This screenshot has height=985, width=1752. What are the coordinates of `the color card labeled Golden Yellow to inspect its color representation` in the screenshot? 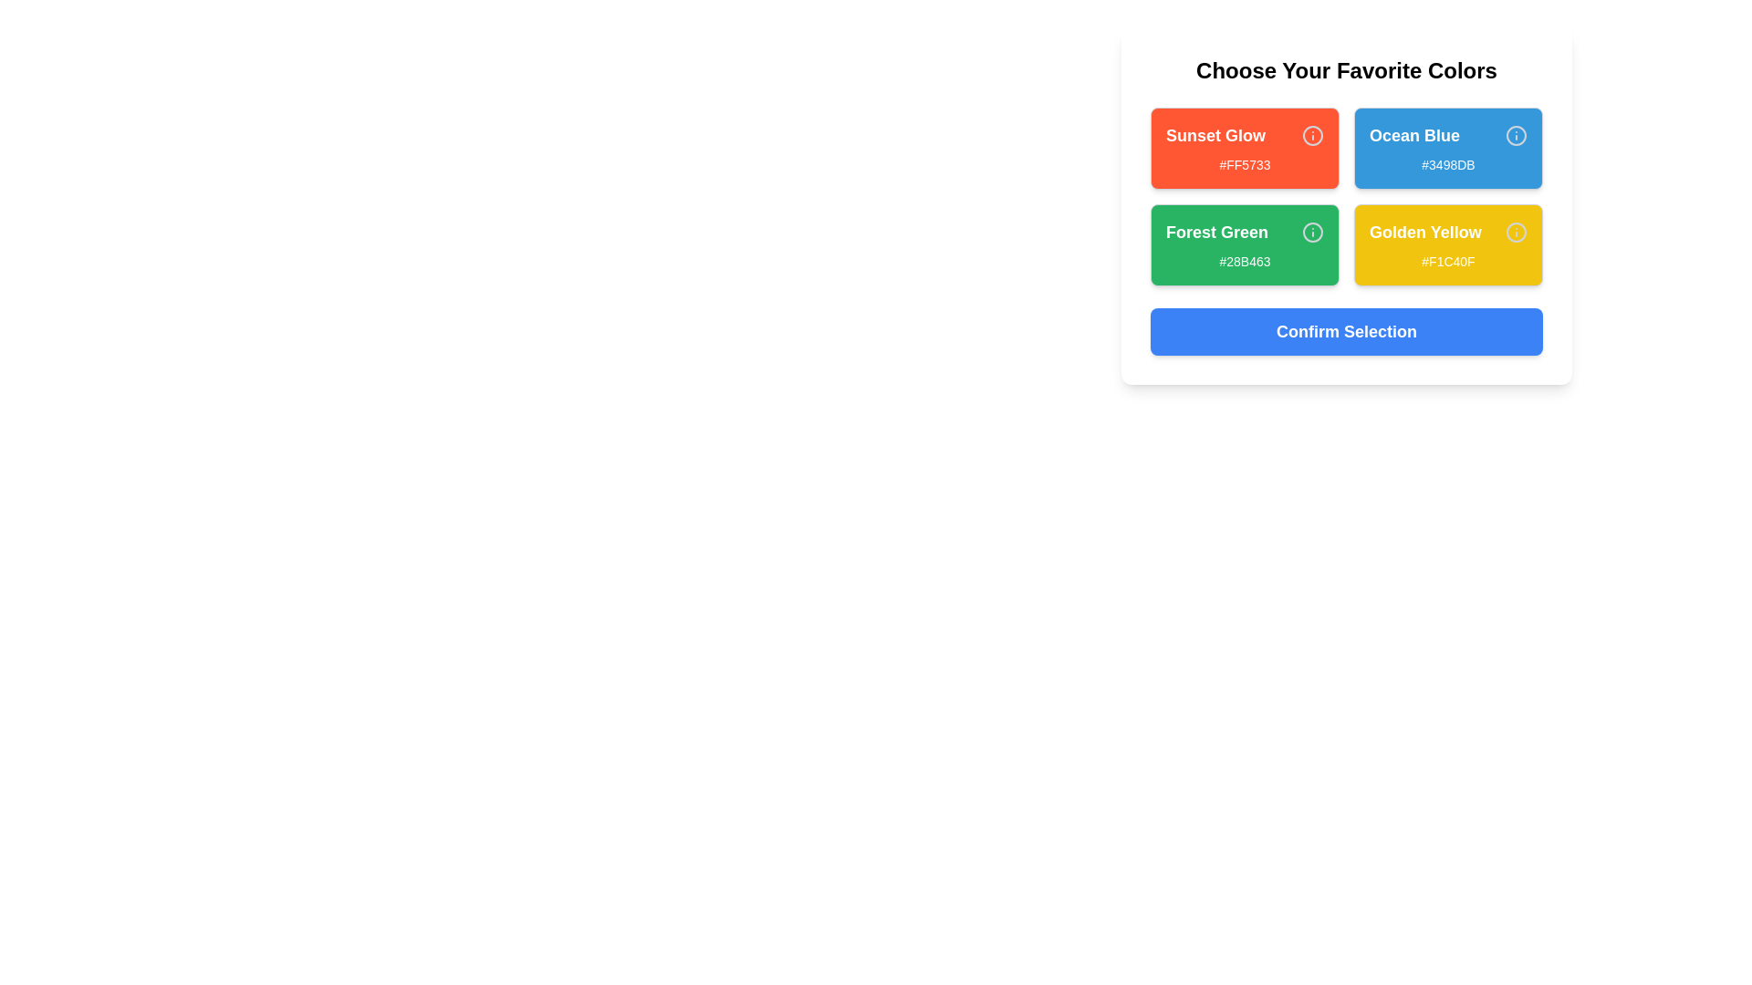 It's located at (1447, 244).